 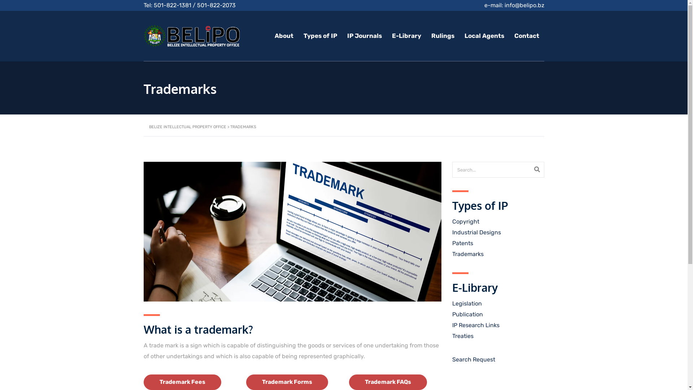 What do you see at coordinates (473, 359) in the screenshot?
I see `'Search Request'` at bounding box center [473, 359].